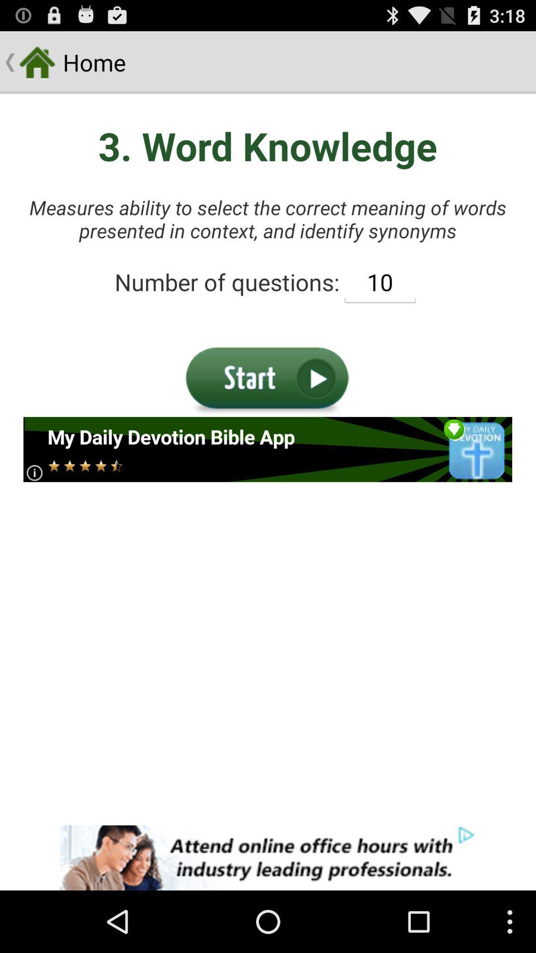 This screenshot has height=953, width=536. I want to click on the advertisement, so click(267, 449).